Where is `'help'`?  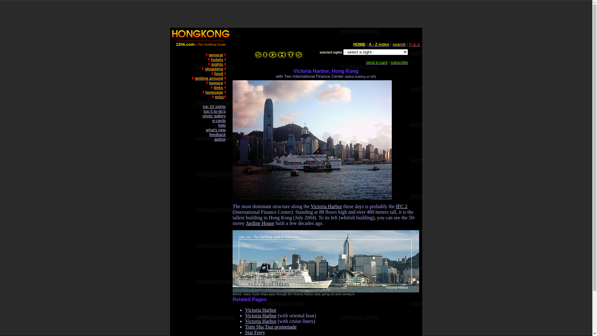 'help' is located at coordinates (222, 125).